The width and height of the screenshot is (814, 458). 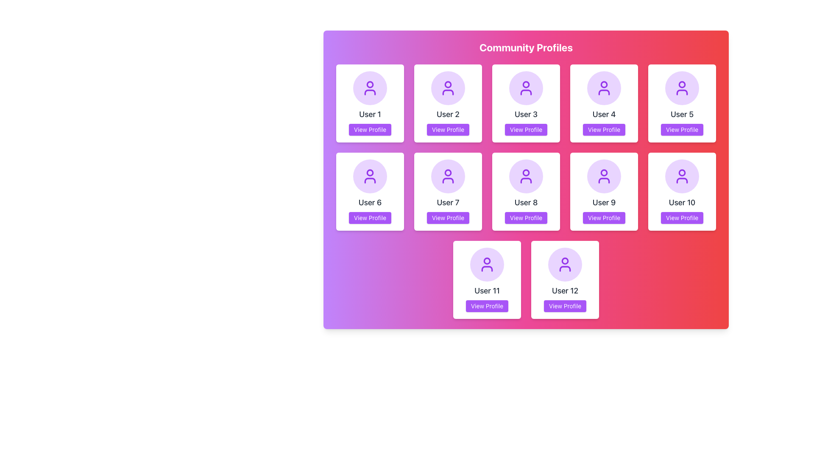 What do you see at coordinates (565, 268) in the screenshot?
I see `the purple stroke outline of the user avatar's shoulders and torso in the SVG icon for 'User 12'` at bounding box center [565, 268].